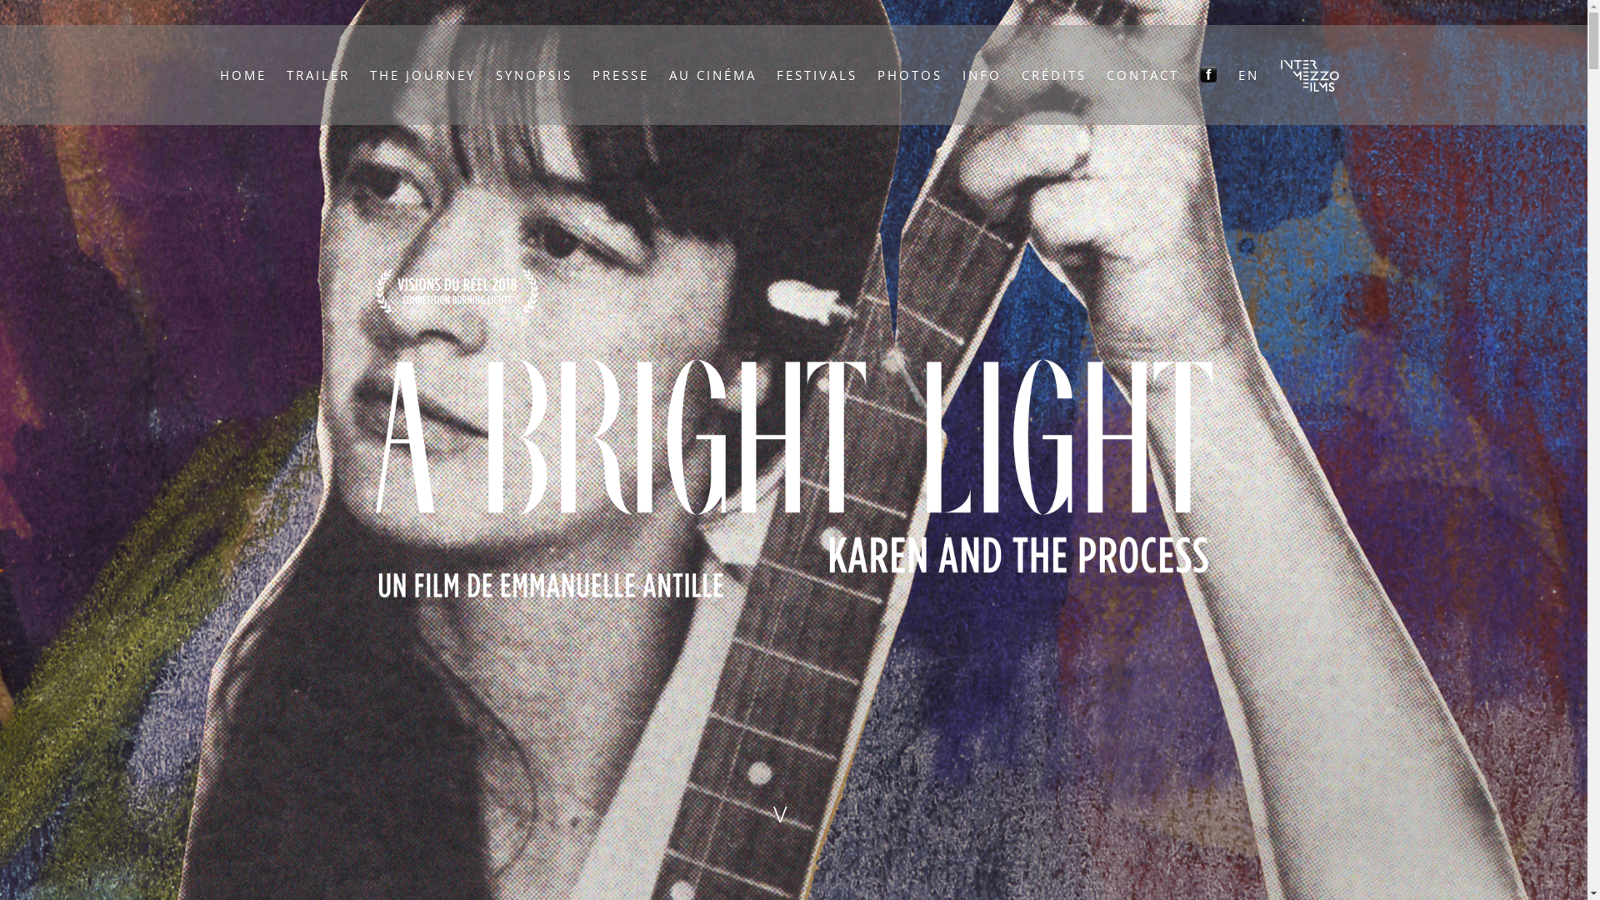 The image size is (1600, 900). What do you see at coordinates (318, 73) in the screenshot?
I see `'TRAILER'` at bounding box center [318, 73].